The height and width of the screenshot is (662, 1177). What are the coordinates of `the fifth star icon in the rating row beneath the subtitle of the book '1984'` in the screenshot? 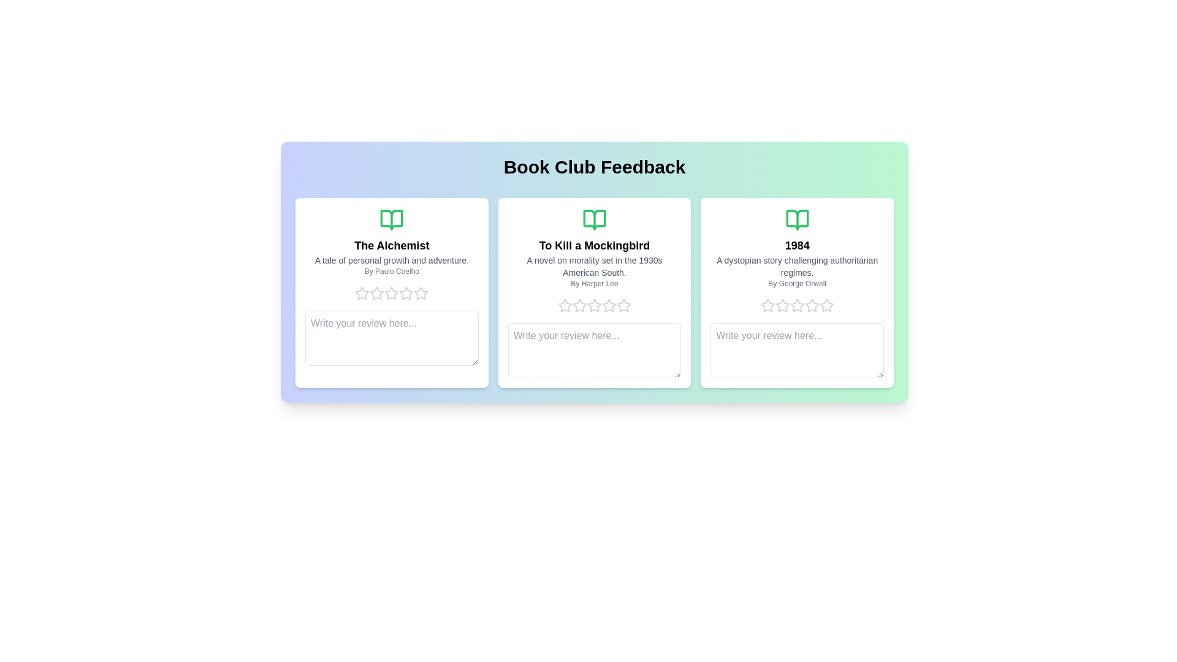 It's located at (826, 305).